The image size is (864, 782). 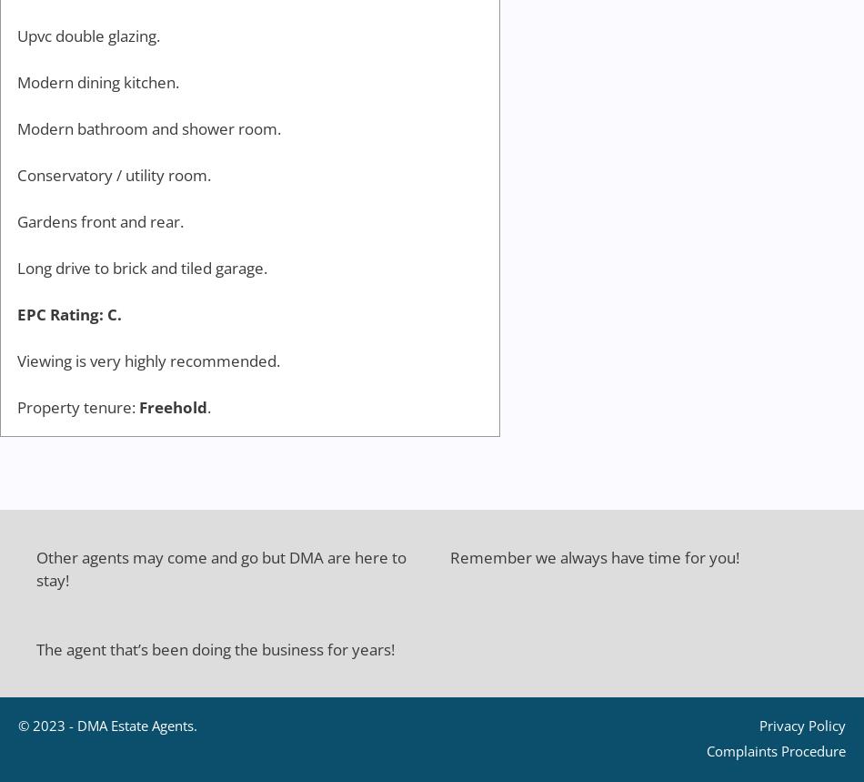 I want to click on 'Remember we always have time for you!', so click(x=594, y=556).